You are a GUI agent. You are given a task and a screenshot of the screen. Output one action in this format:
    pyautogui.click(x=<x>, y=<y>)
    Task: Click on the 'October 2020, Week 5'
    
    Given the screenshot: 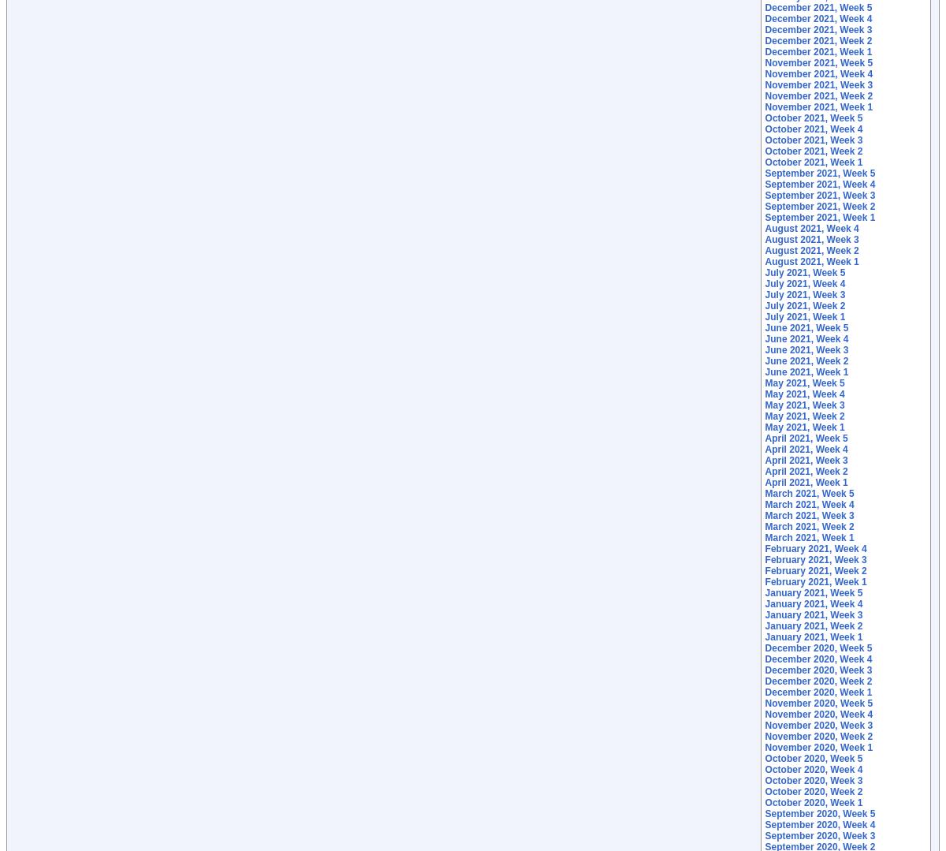 What is the action you would take?
    pyautogui.click(x=814, y=758)
    